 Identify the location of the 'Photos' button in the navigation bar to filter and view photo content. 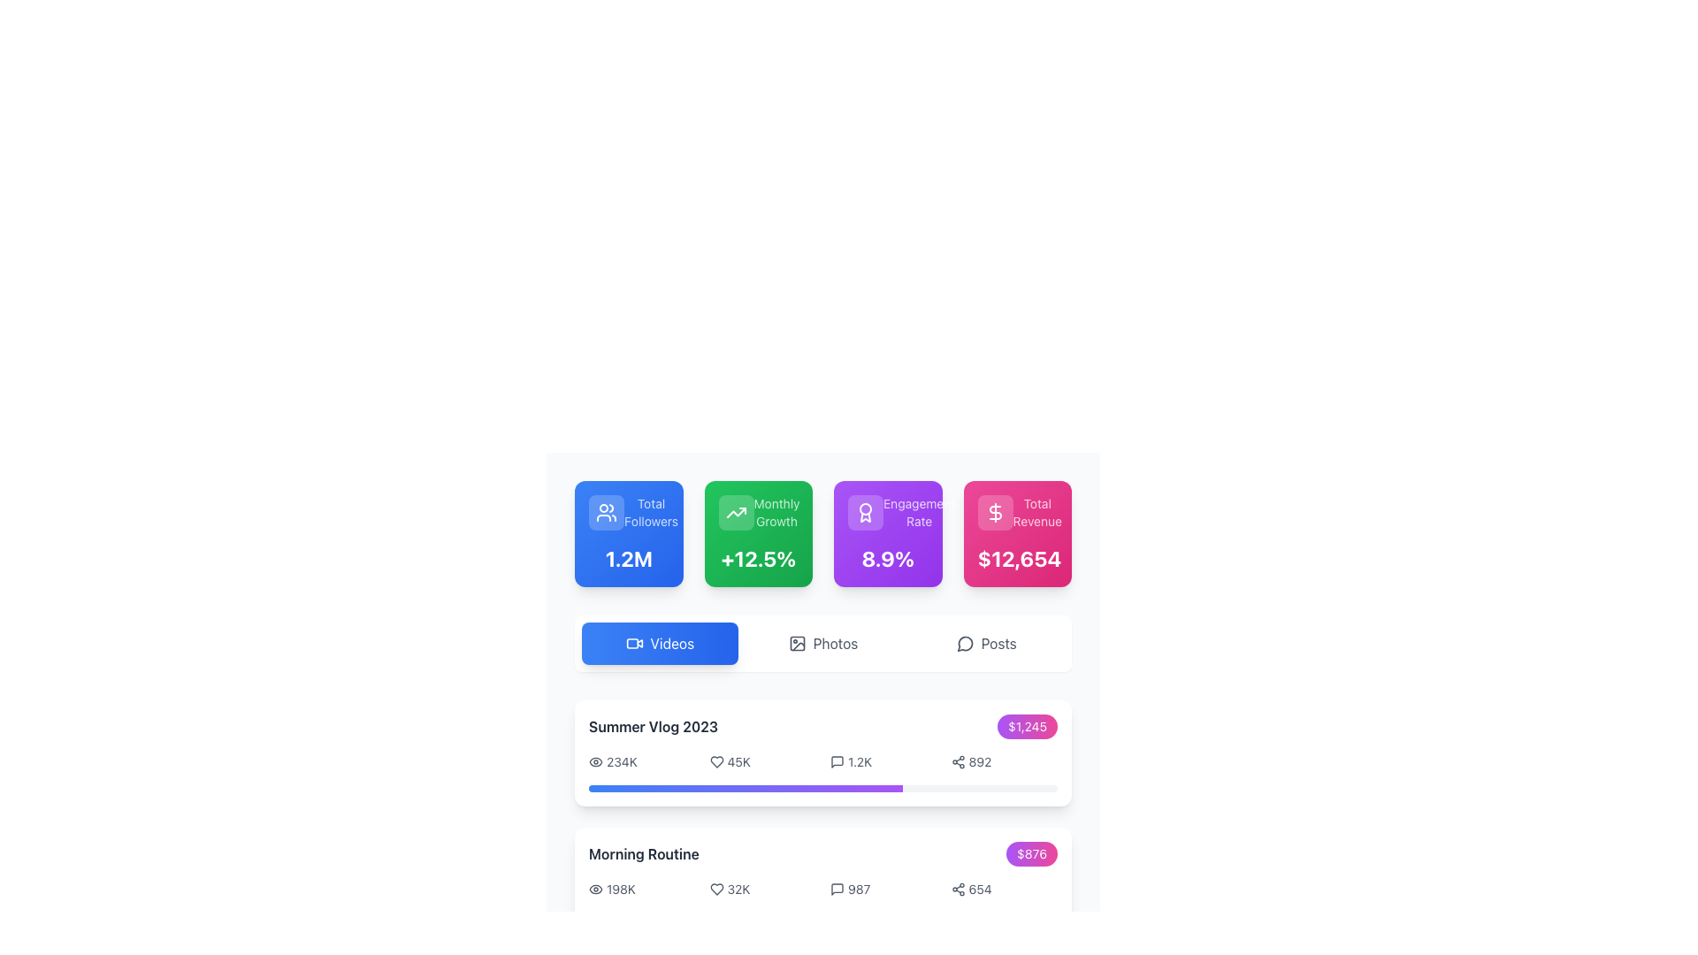
(822, 644).